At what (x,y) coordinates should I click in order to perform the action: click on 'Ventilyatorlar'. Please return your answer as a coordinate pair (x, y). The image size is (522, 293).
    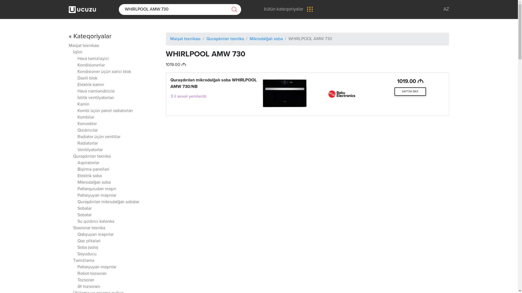
    Looking at the image, I should click on (90, 150).